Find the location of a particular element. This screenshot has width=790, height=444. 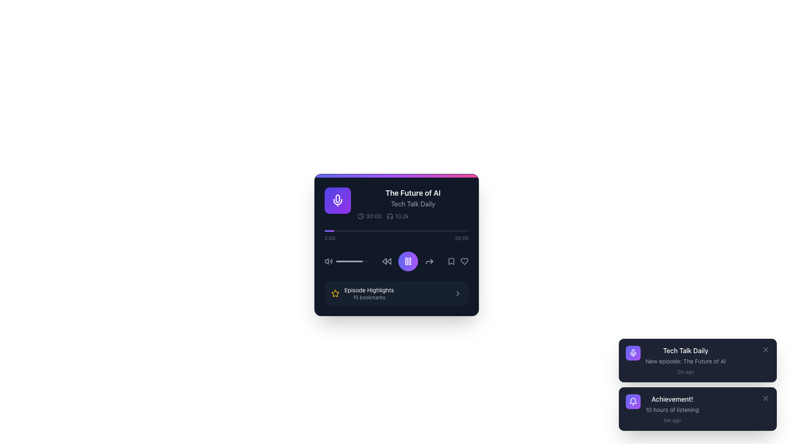

the decorative audio icon located in the top-left section of the UI that represents the podcast titled 'The Future of AI' is located at coordinates (337, 198).